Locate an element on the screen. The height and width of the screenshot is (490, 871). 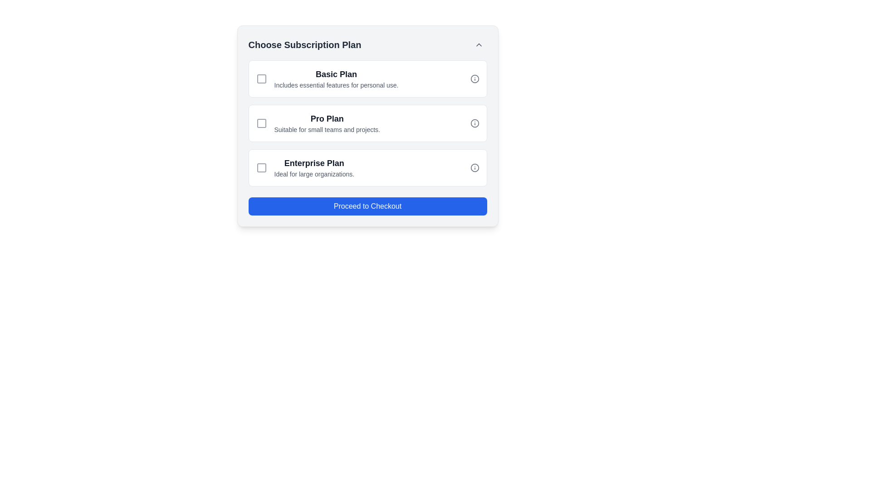
the 'Enterprise Plan' text label, which is a prominently styled title in dark gray color, indicating a subscription option is located at coordinates (314, 162).